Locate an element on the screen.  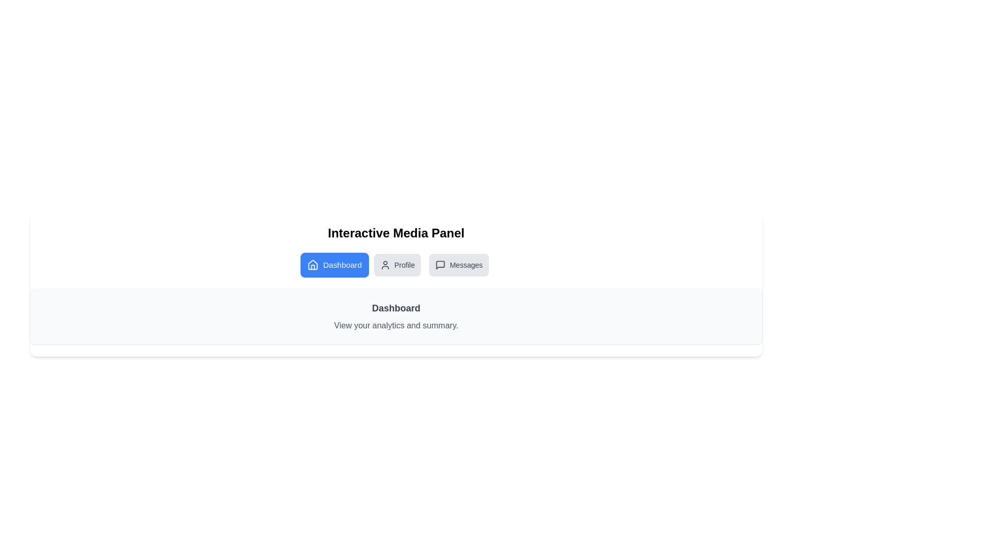
the button labeled Messages to switch tabs is located at coordinates (458, 265).